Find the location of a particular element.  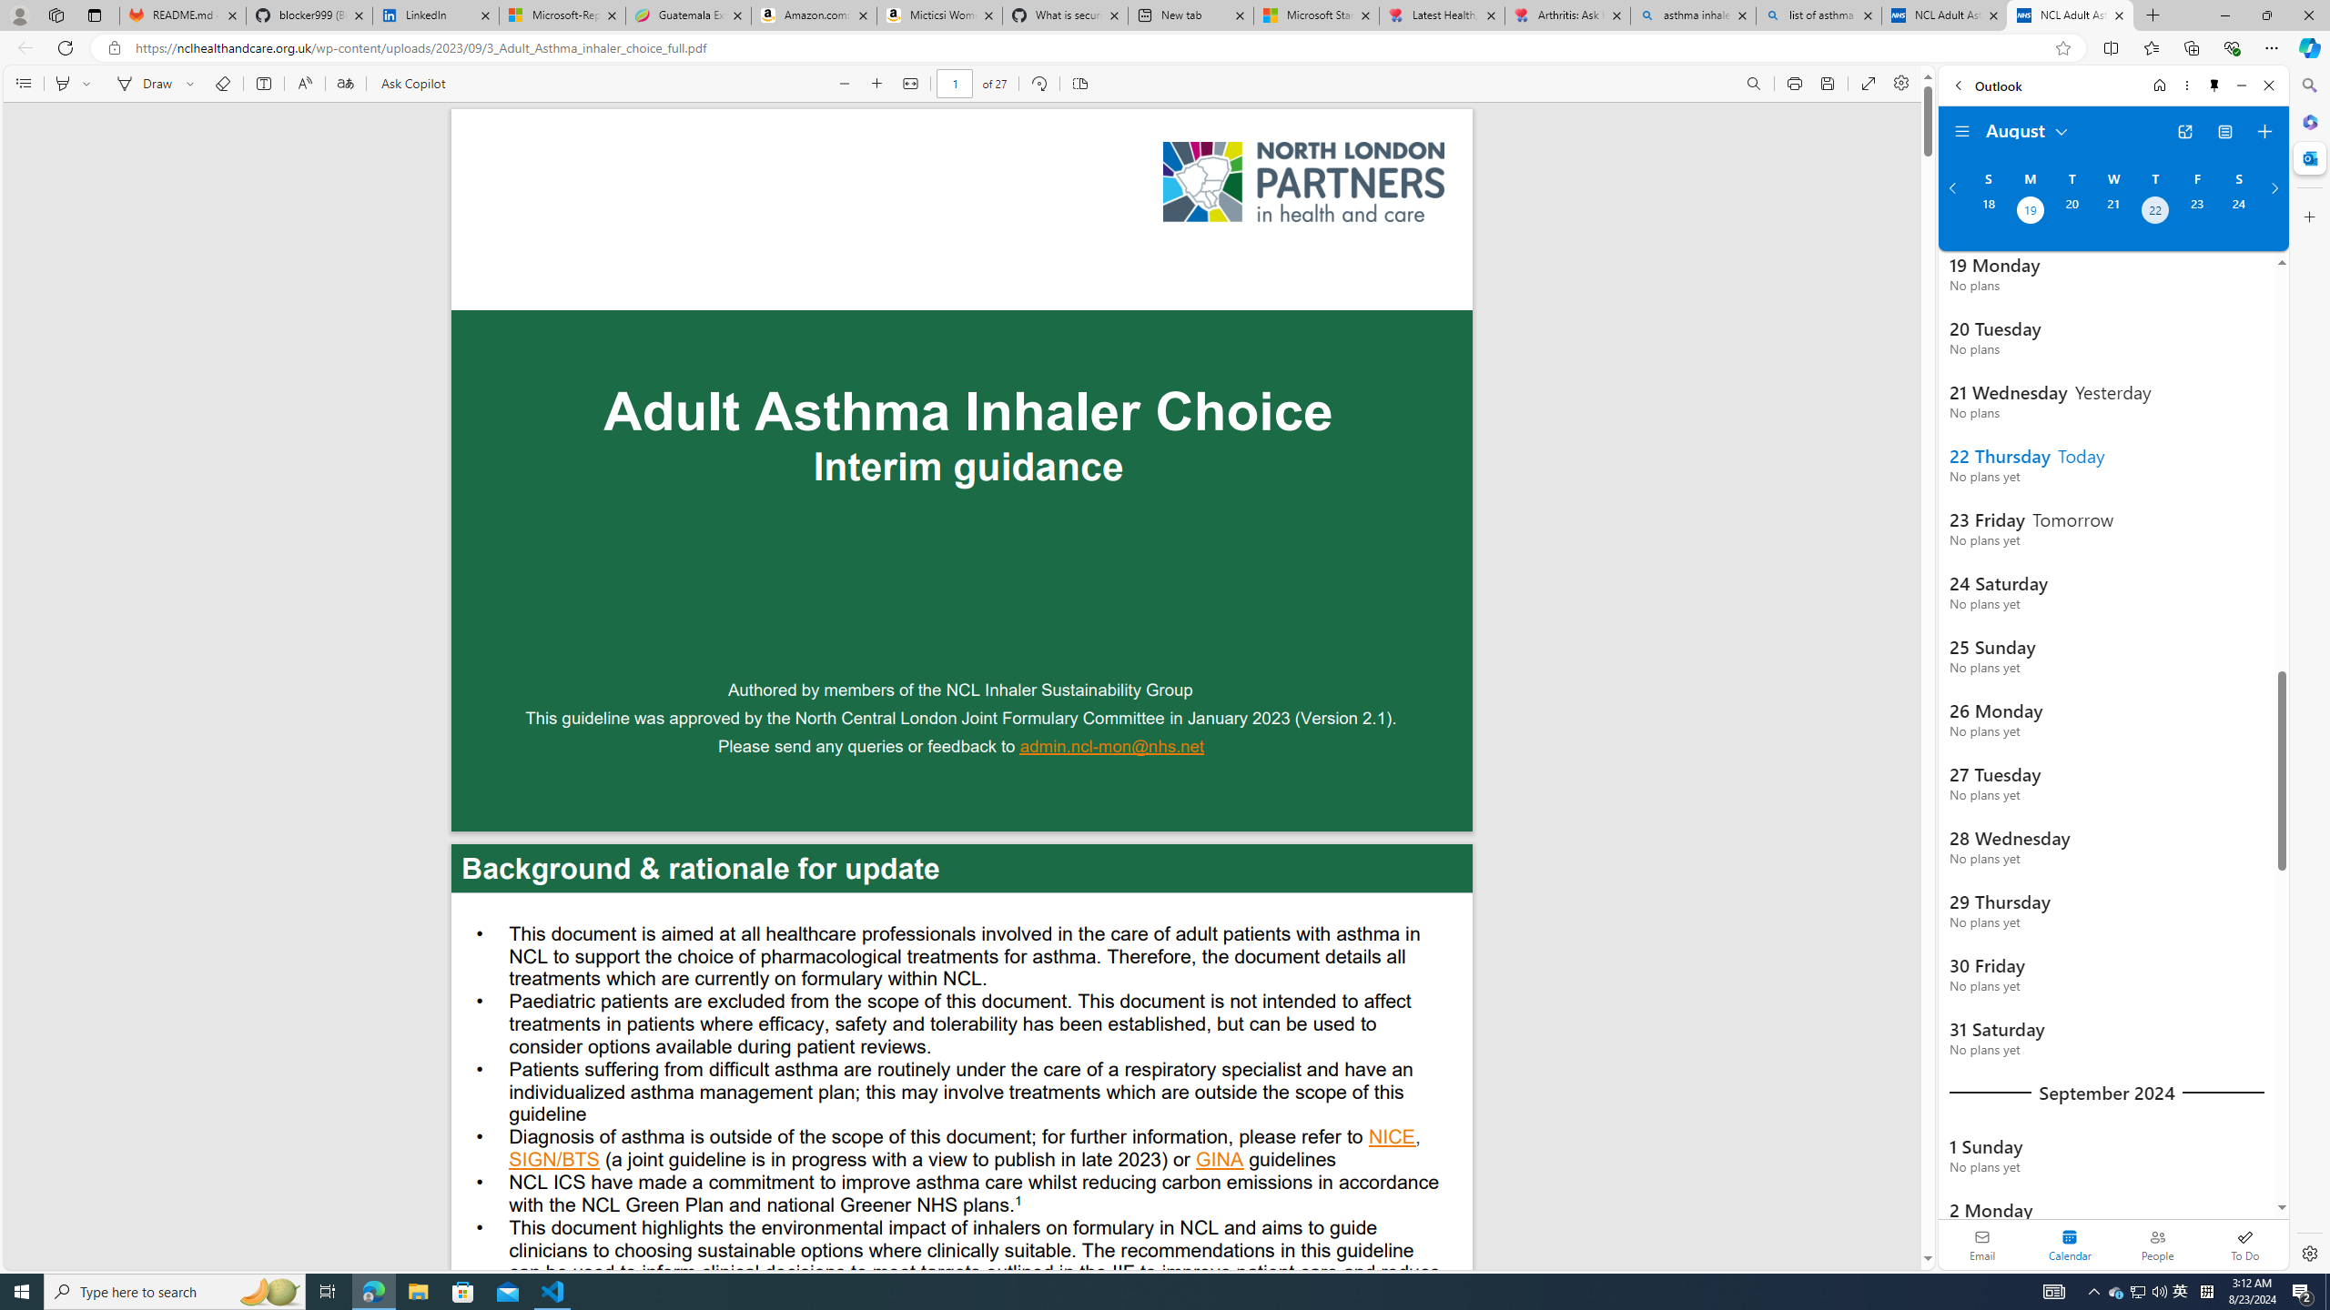

'Ask Copilot' is located at coordinates (411, 83).